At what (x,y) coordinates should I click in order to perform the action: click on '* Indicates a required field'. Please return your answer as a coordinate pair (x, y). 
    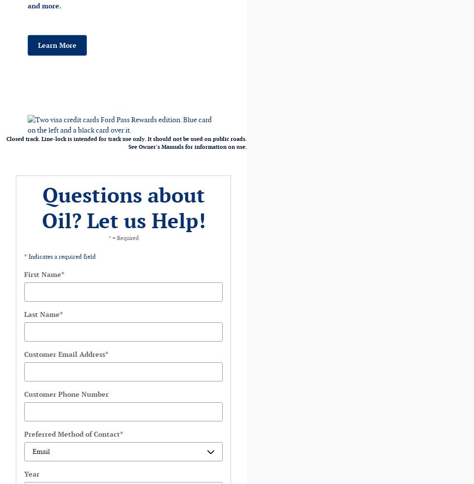
    Looking at the image, I should click on (23, 256).